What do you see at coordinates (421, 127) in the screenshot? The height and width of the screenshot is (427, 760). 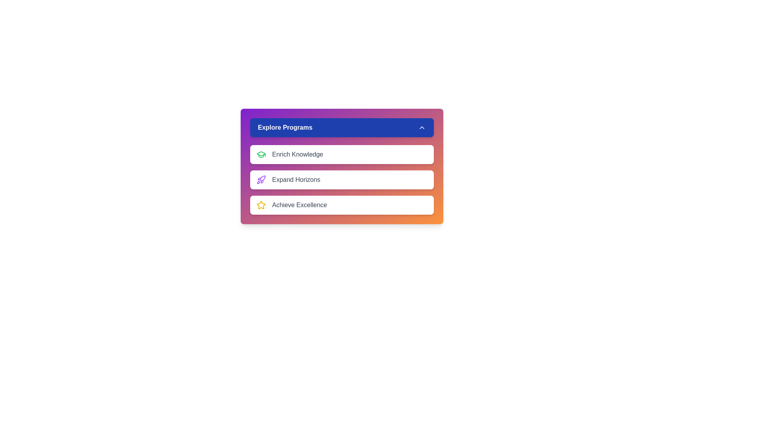 I see `the upward-pointing chevron icon located at the top-right corner of the 'Explore Programs' header bar` at bounding box center [421, 127].